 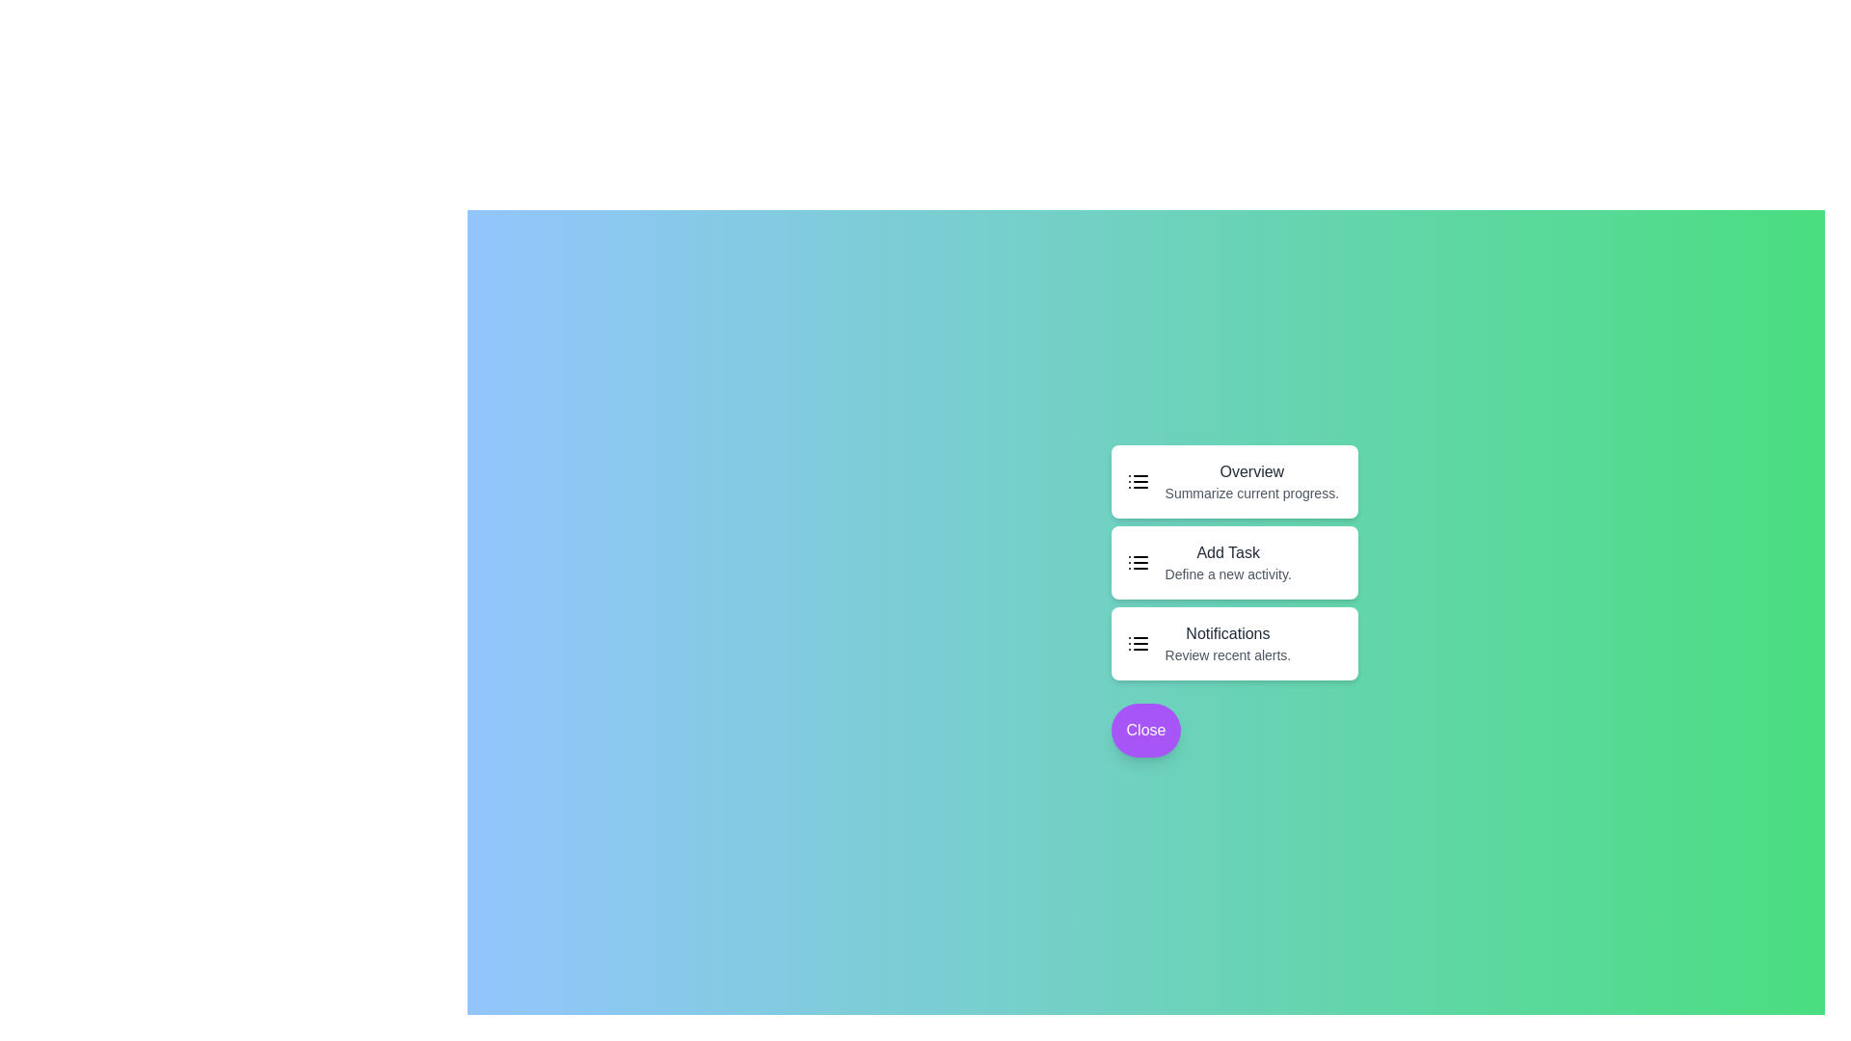 I want to click on the 'Overview' task option to interact with it, so click(x=1251, y=471).